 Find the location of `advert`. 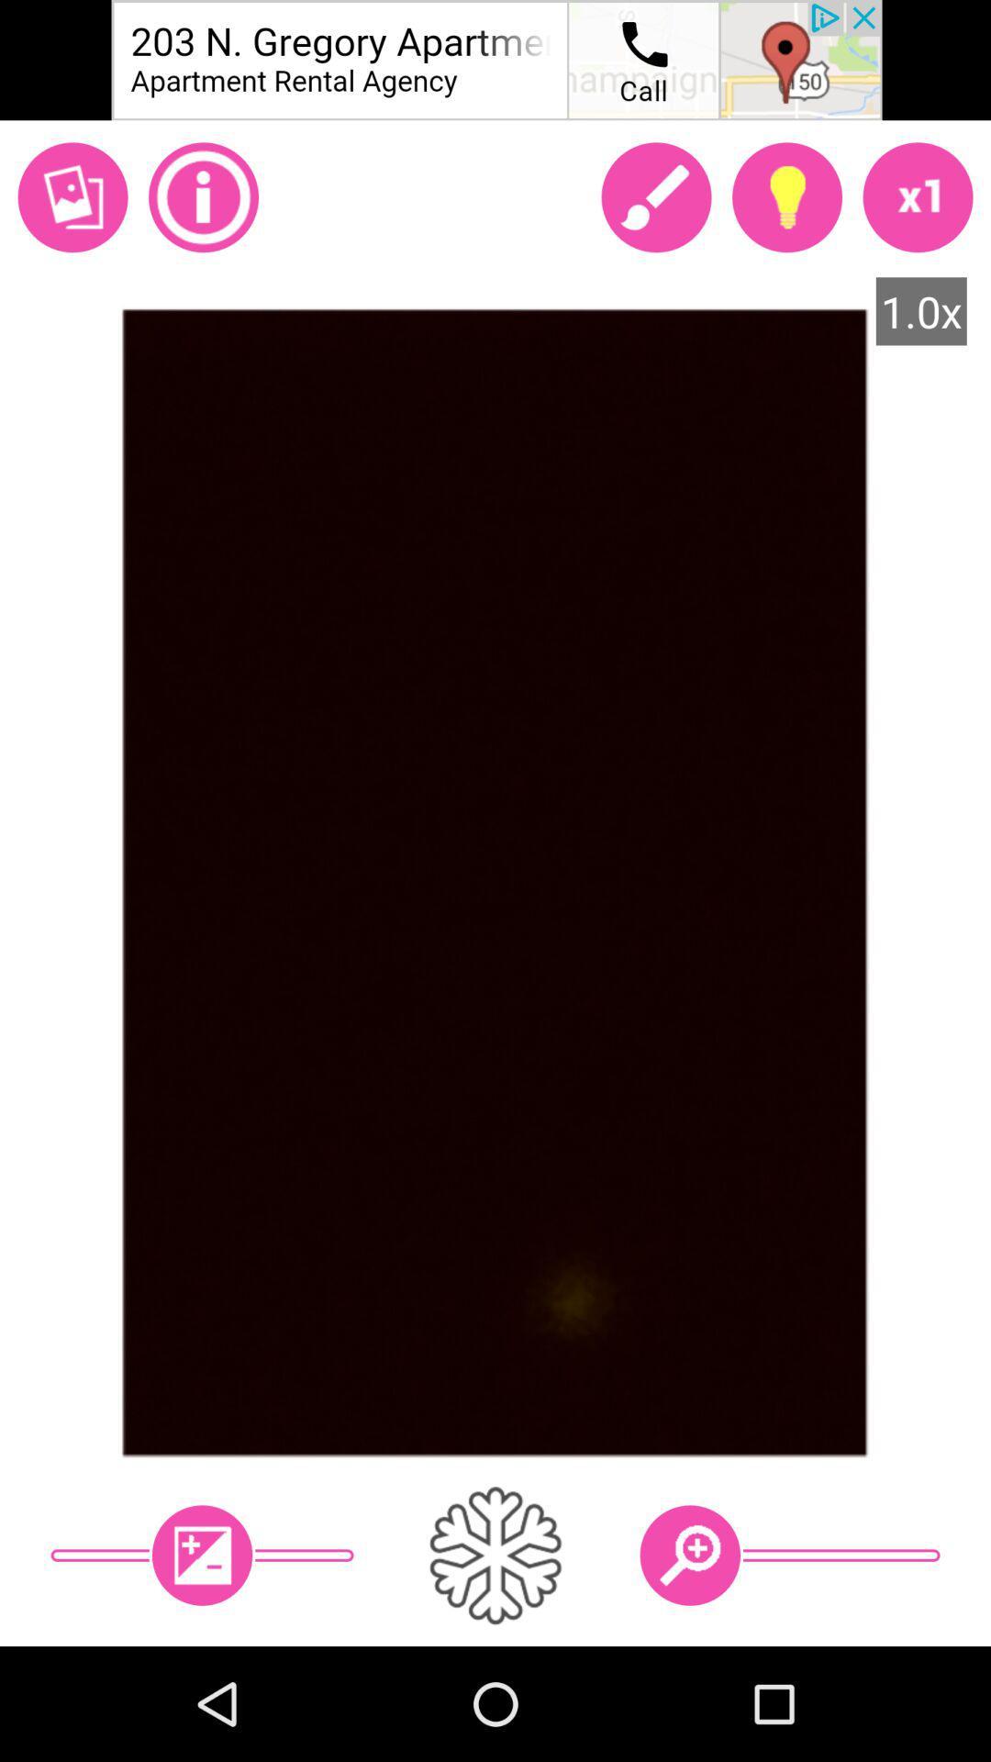

advert is located at coordinates (495, 60).